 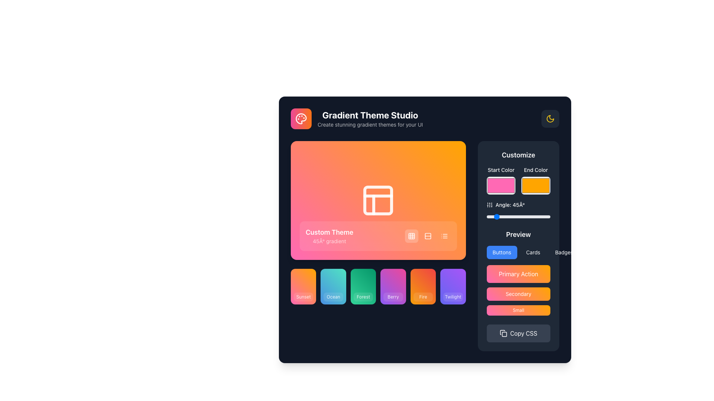 I want to click on the pink rectangular color picker located in the 'Customize' section below the 'Start Color' label, so click(x=501, y=185).